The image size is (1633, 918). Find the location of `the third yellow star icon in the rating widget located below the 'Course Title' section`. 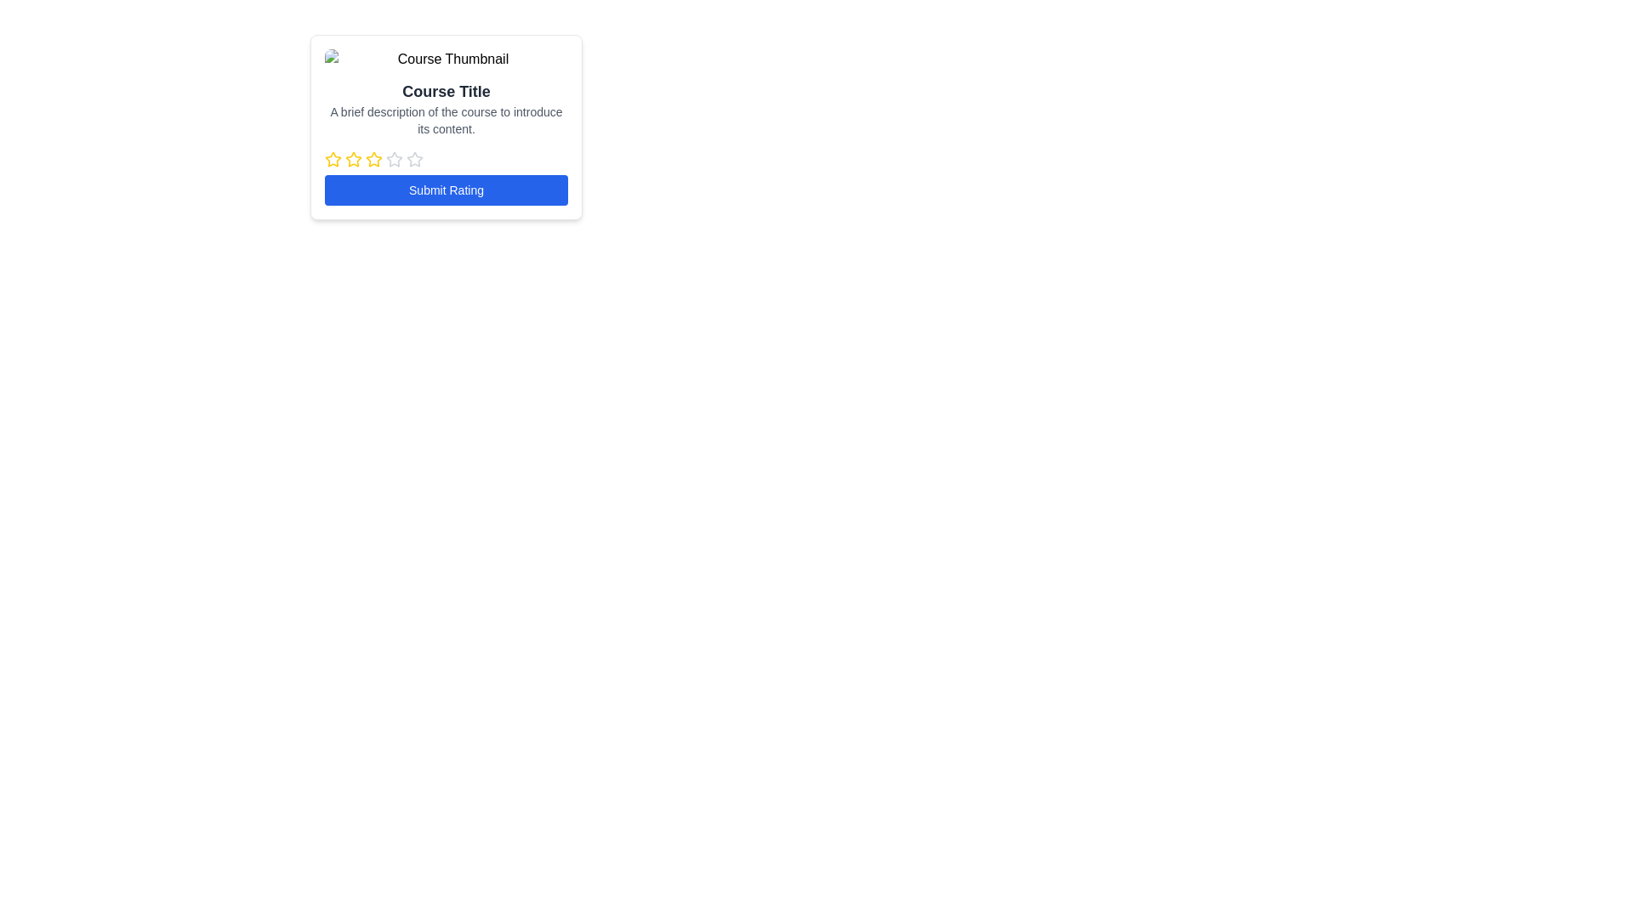

the third yellow star icon in the rating widget located below the 'Course Title' section is located at coordinates (373, 160).